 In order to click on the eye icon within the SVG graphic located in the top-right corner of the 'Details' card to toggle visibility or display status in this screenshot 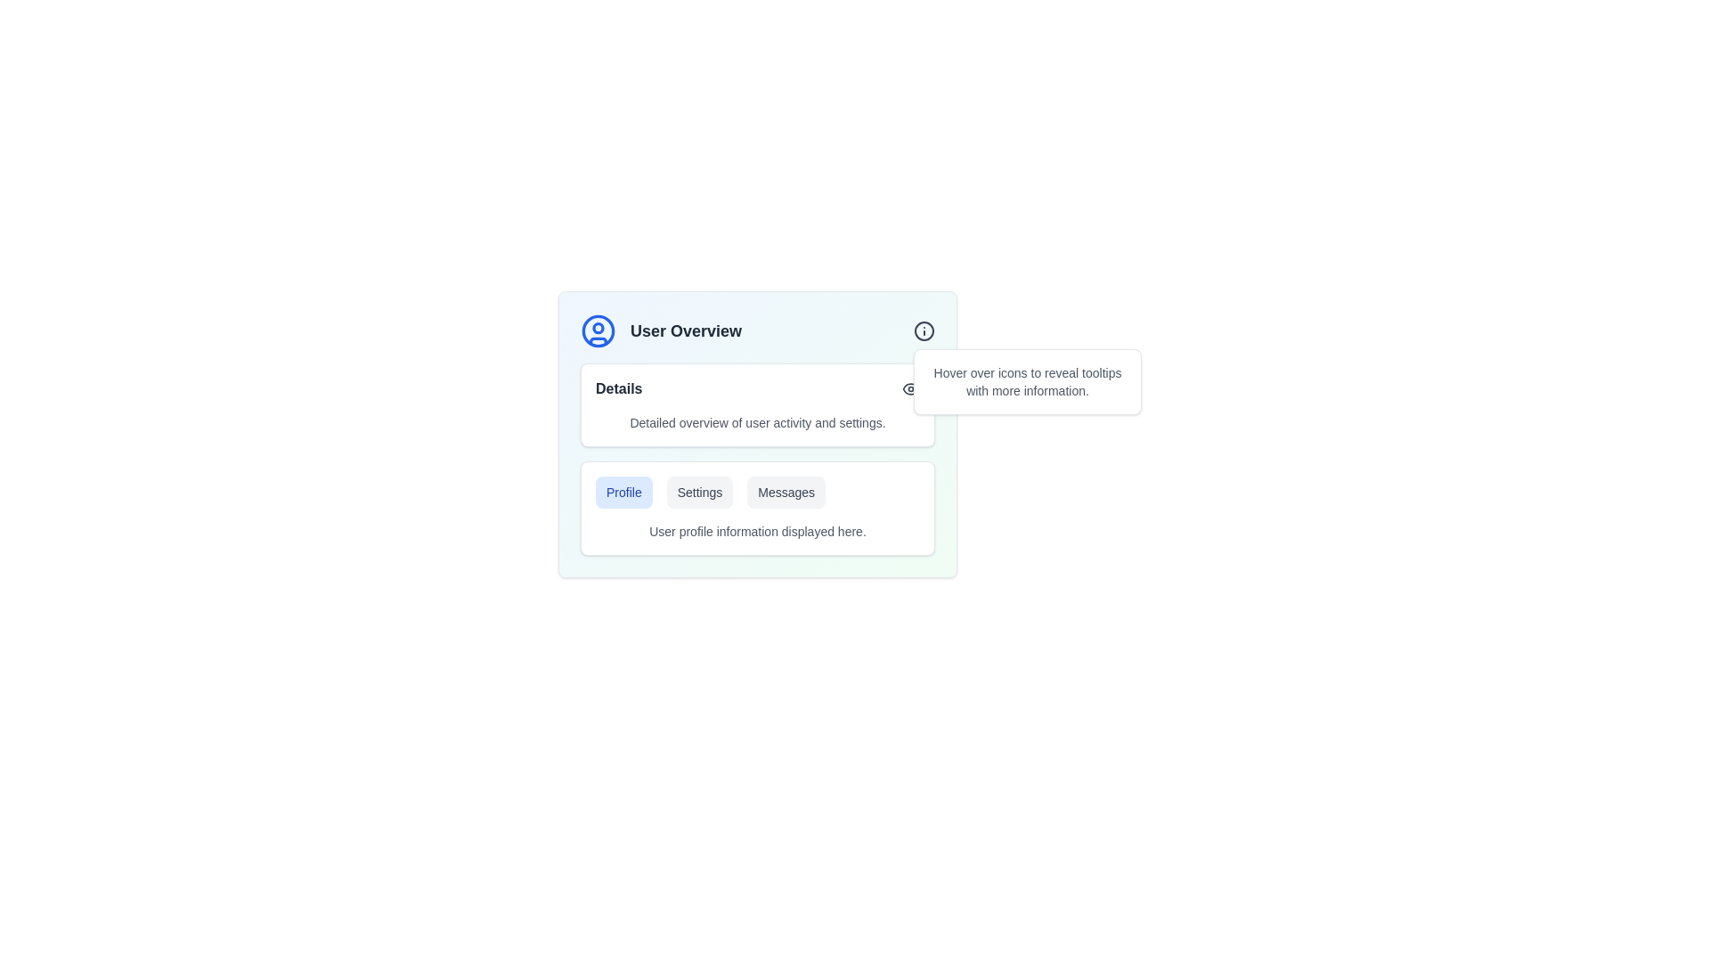, I will do `click(910, 387)`.